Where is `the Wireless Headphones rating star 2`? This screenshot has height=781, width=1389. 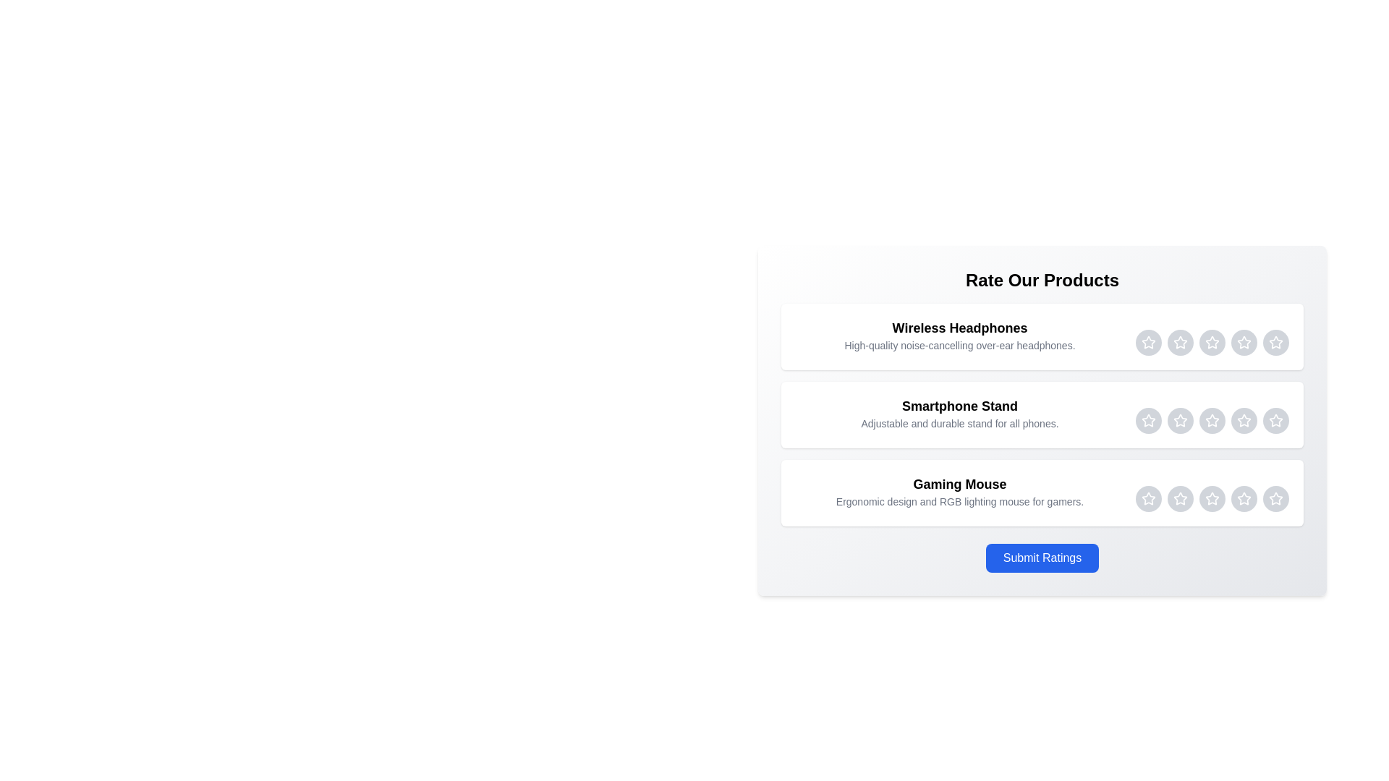
the Wireless Headphones rating star 2 is located at coordinates (1181, 343).